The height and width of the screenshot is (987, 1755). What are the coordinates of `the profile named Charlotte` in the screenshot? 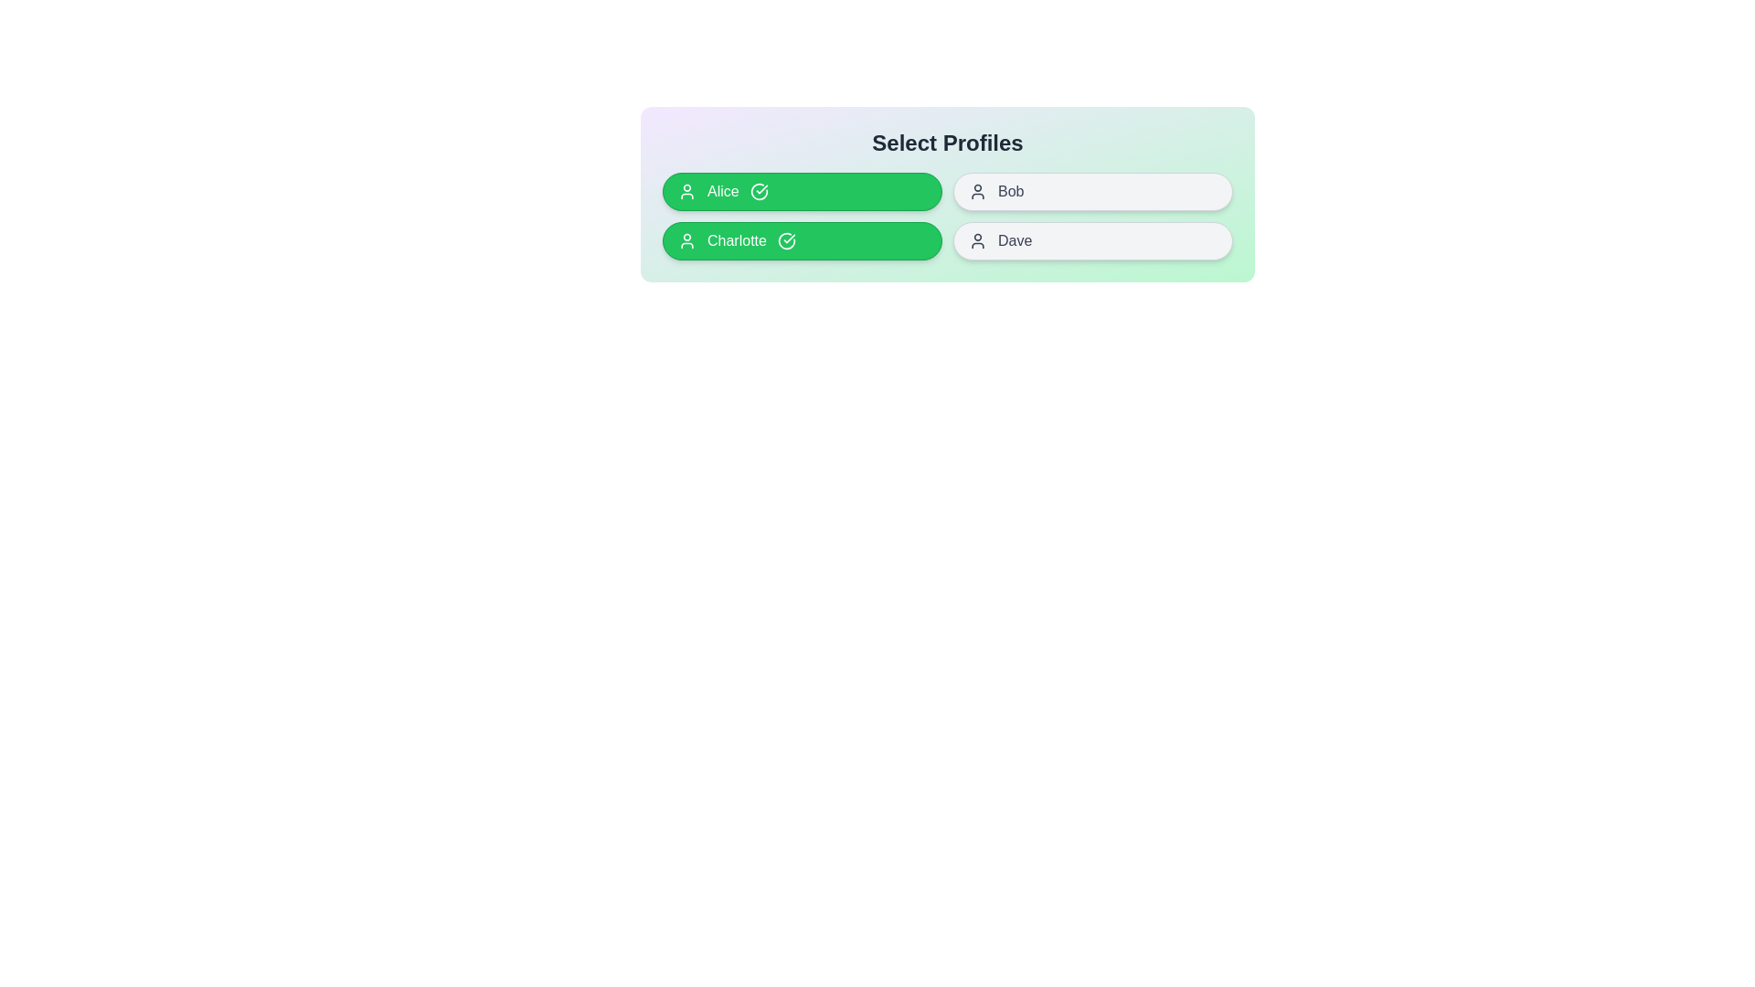 It's located at (803, 239).